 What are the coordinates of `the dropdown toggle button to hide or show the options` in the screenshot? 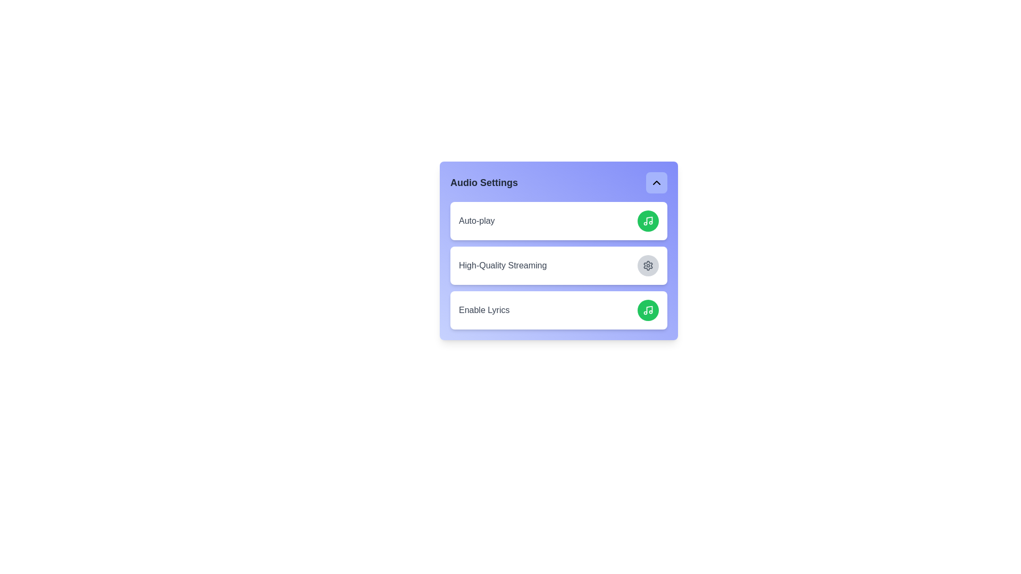 It's located at (656, 182).